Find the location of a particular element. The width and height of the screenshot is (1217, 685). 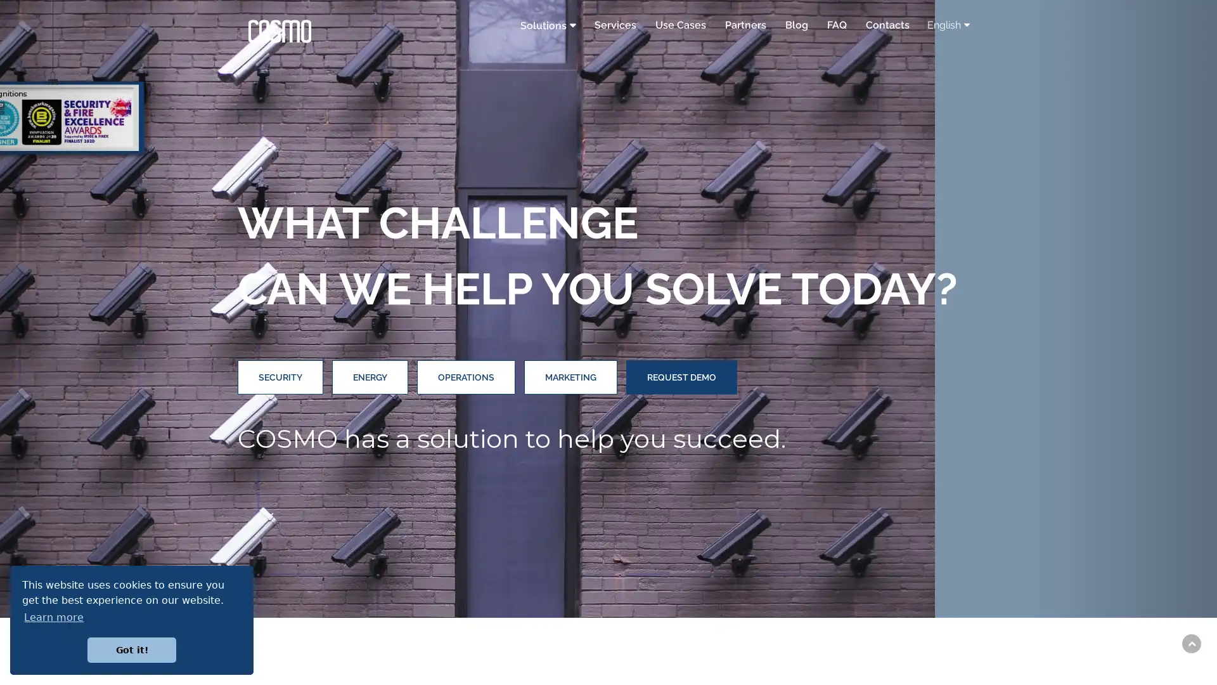

learn more about cookies is located at coordinates (53, 616).